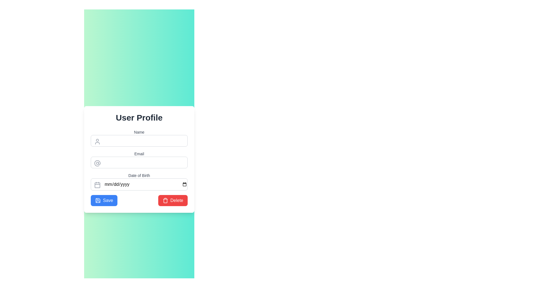 This screenshot has width=533, height=300. I want to click on the text label that contains the content 'Name', which is positioned above the corresponding text input field in the user profile form, so click(139, 132).